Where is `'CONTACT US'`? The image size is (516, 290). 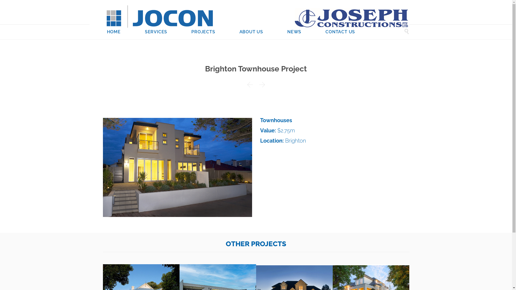 'CONTACT US' is located at coordinates (340, 32).